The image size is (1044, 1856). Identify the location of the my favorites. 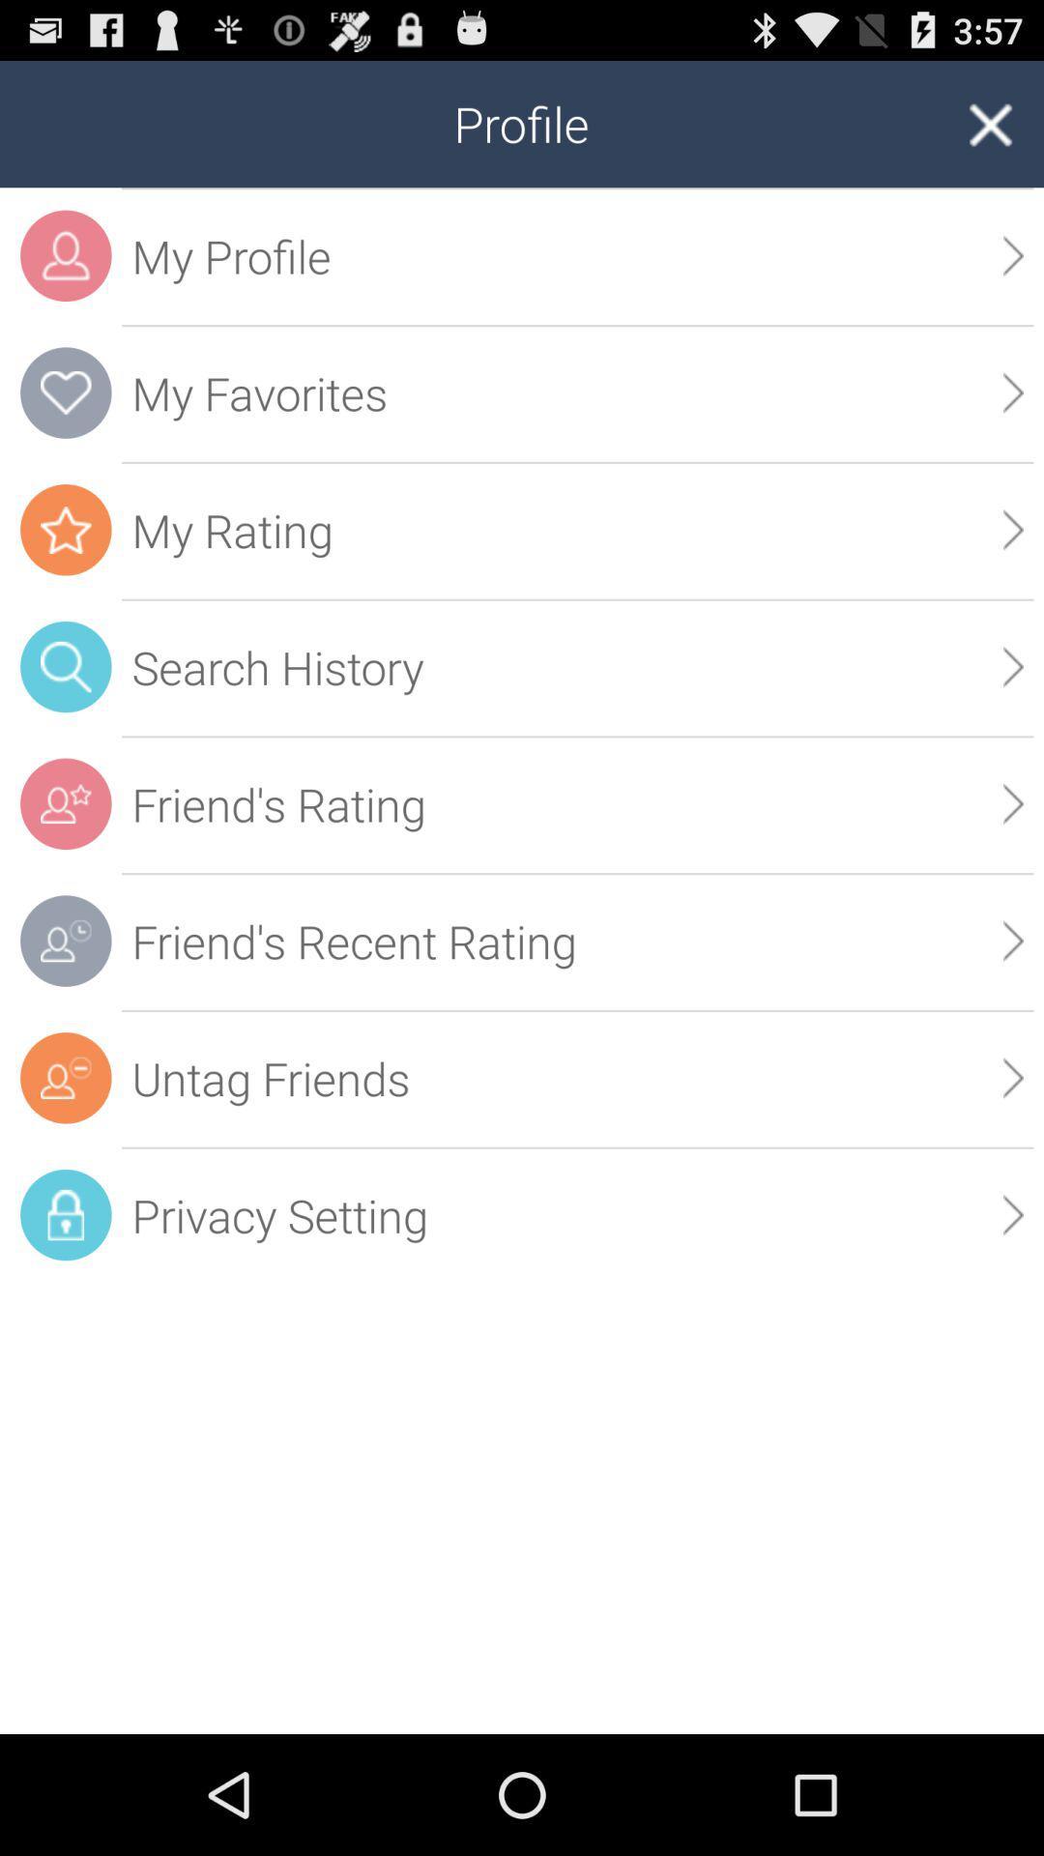
(576, 391).